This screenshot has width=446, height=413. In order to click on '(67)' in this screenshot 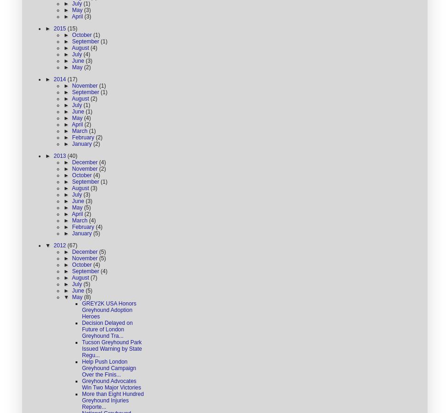, I will do `click(71, 245)`.